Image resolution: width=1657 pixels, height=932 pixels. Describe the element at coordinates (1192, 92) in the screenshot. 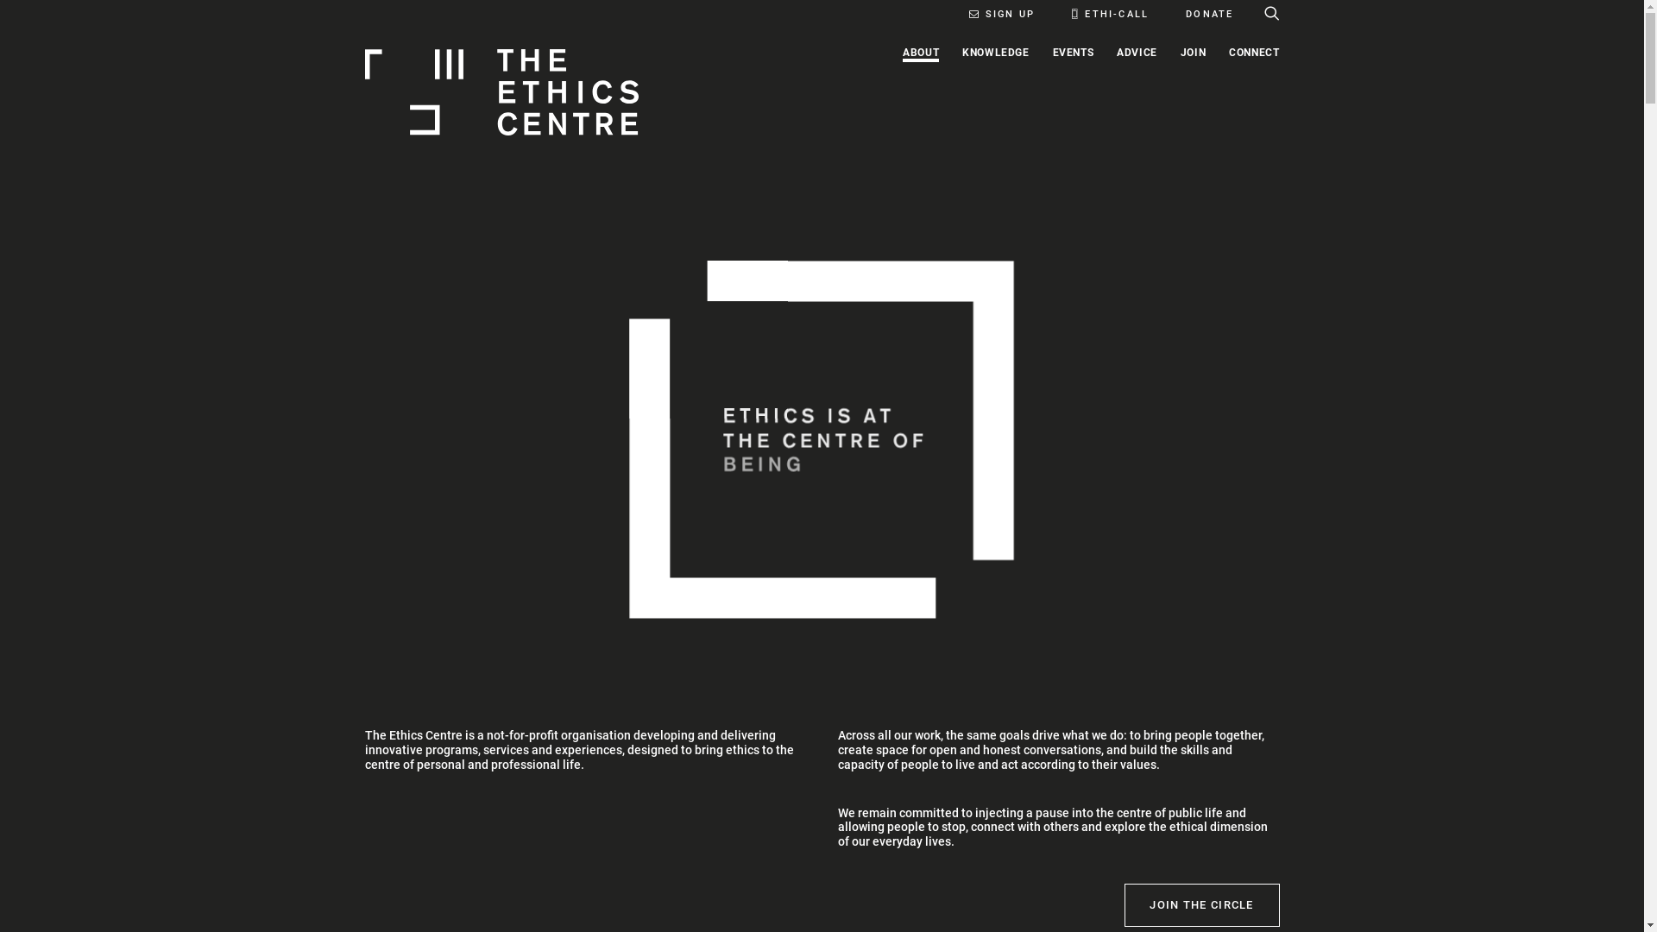

I see `'JOIN'` at that location.